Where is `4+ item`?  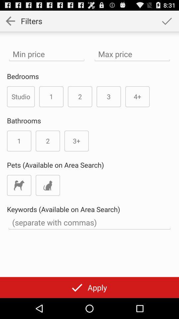 4+ item is located at coordinates (137, 96).